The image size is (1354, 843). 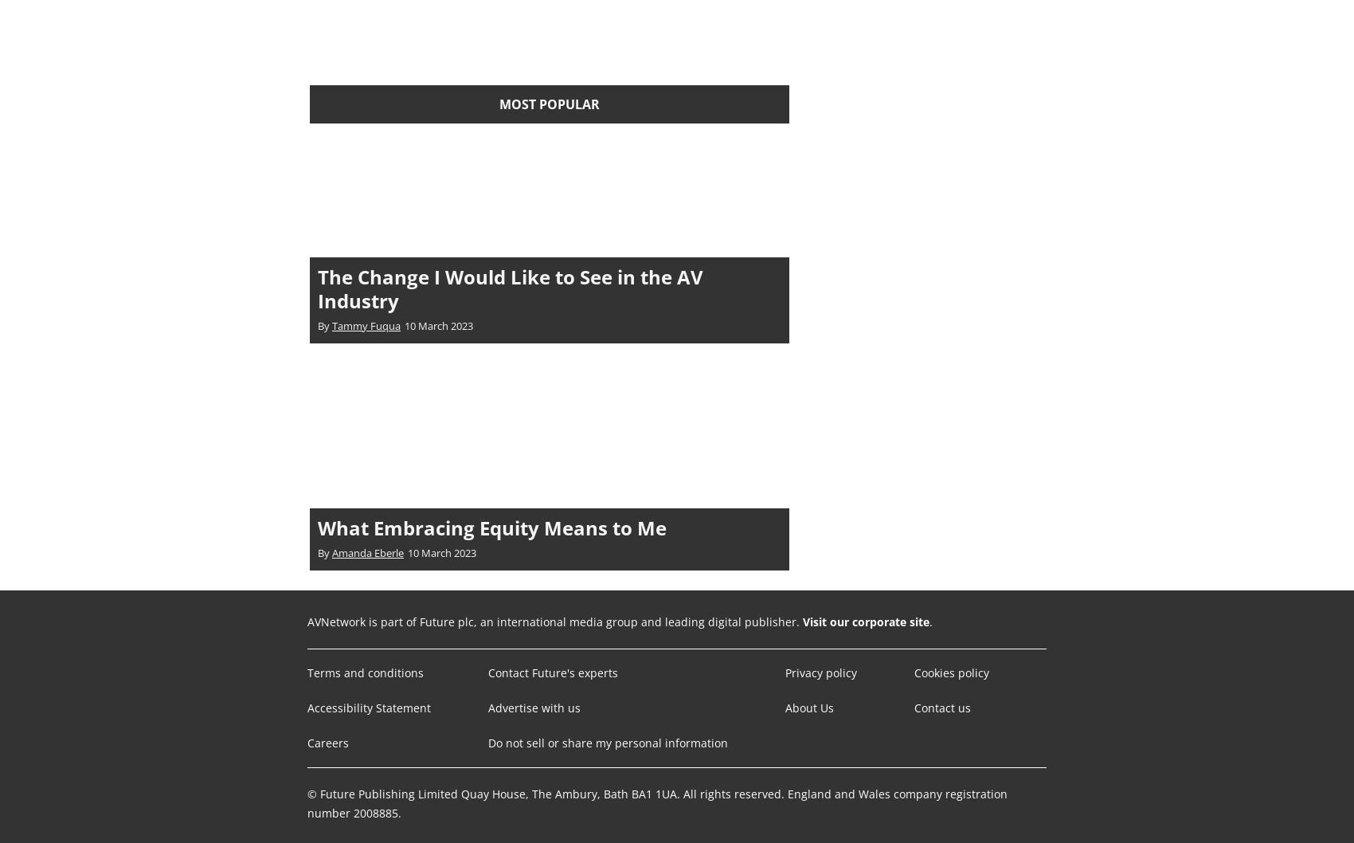 I want to click on 'AVNetwork is part of Future plc, an international media group and leading digital publisher.', so click(x=555, y=621).